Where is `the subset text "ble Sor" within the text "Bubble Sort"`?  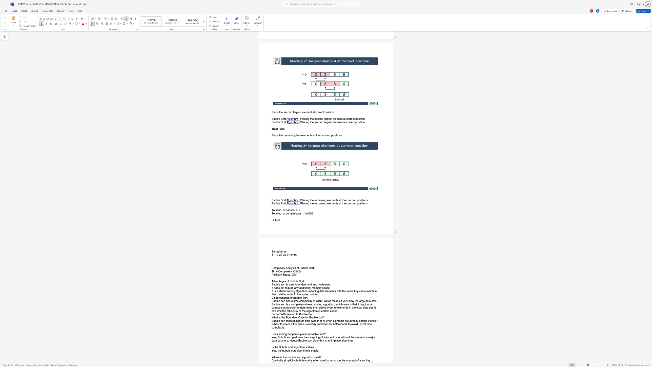
the subset text "ble Sor" within the text "Bubble Sort" is located at coordinates (276, 204).